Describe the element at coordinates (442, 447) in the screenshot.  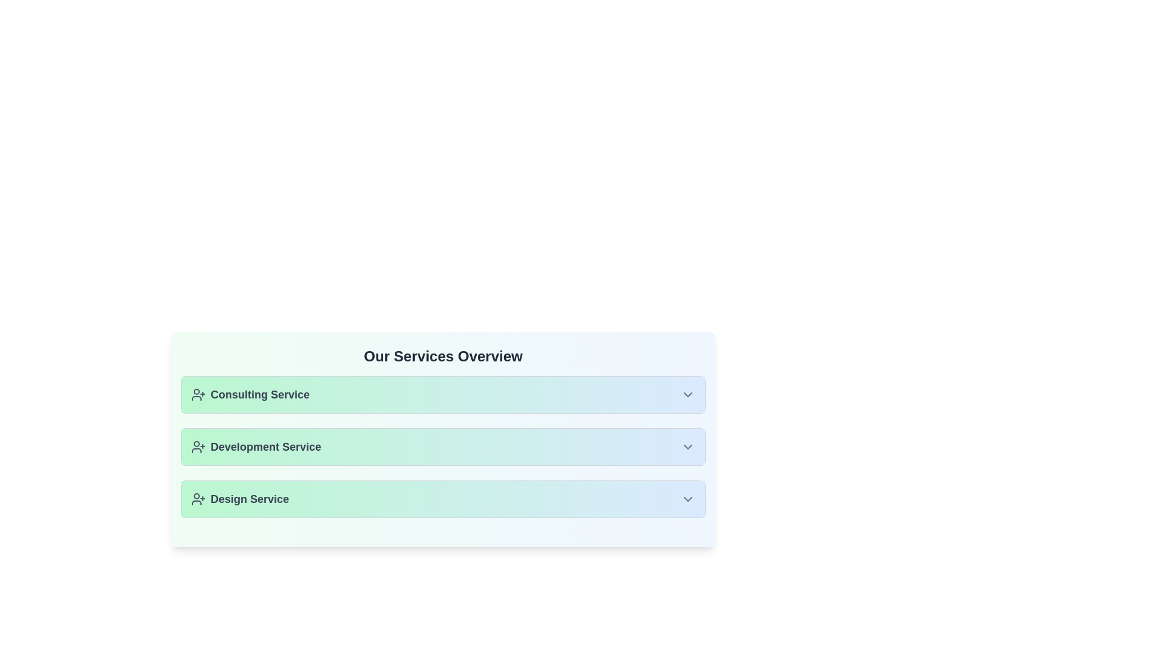
I see `the selectable card for 'Development Service' located in the 'Our Services Overview' section` at that location.